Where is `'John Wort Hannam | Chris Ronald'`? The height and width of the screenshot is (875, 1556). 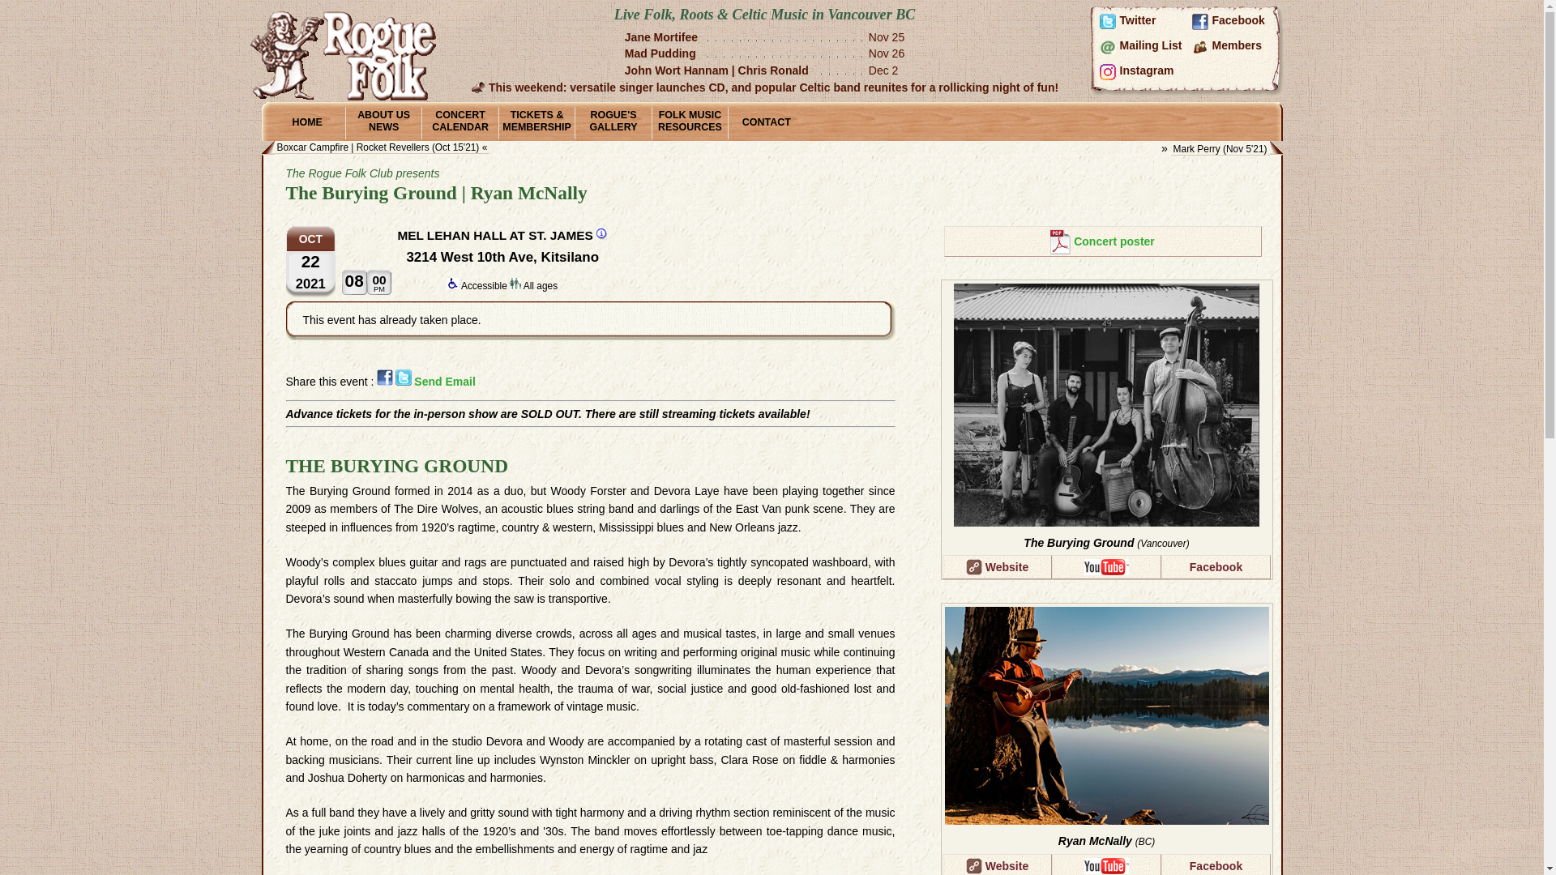 'John Wort Hannam | Chris Ronald' is located at coordinates (719, 70).